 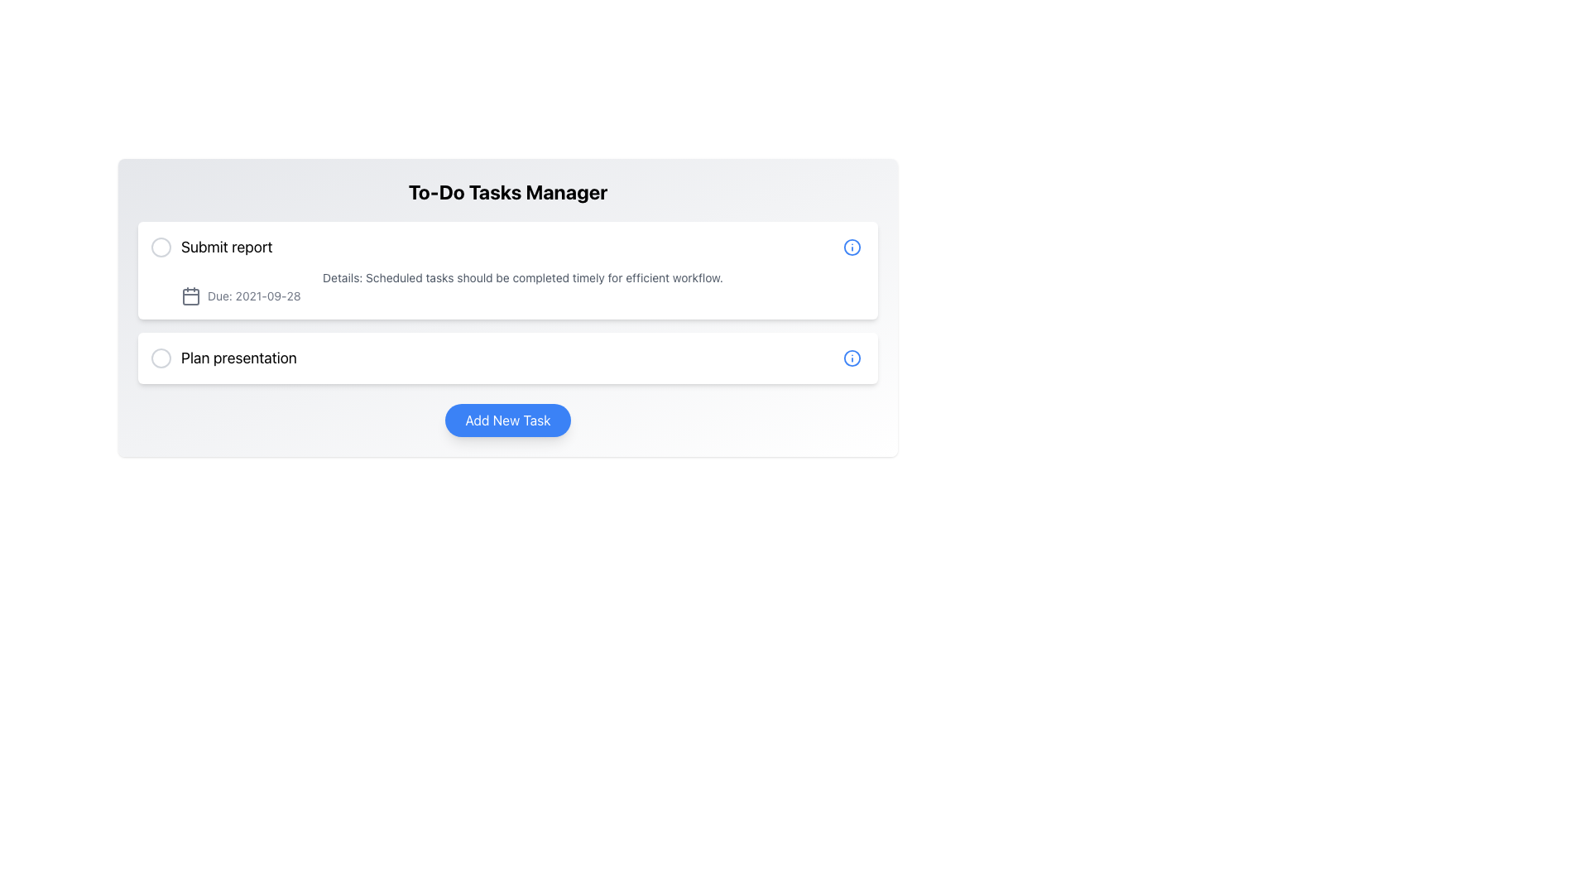 I want to click on the Text label displaying 'Details: Scheduled tasks should be completed timely for efficient workflow.' located directly below the 'Submit report' task title, so click(x=522, y=276).